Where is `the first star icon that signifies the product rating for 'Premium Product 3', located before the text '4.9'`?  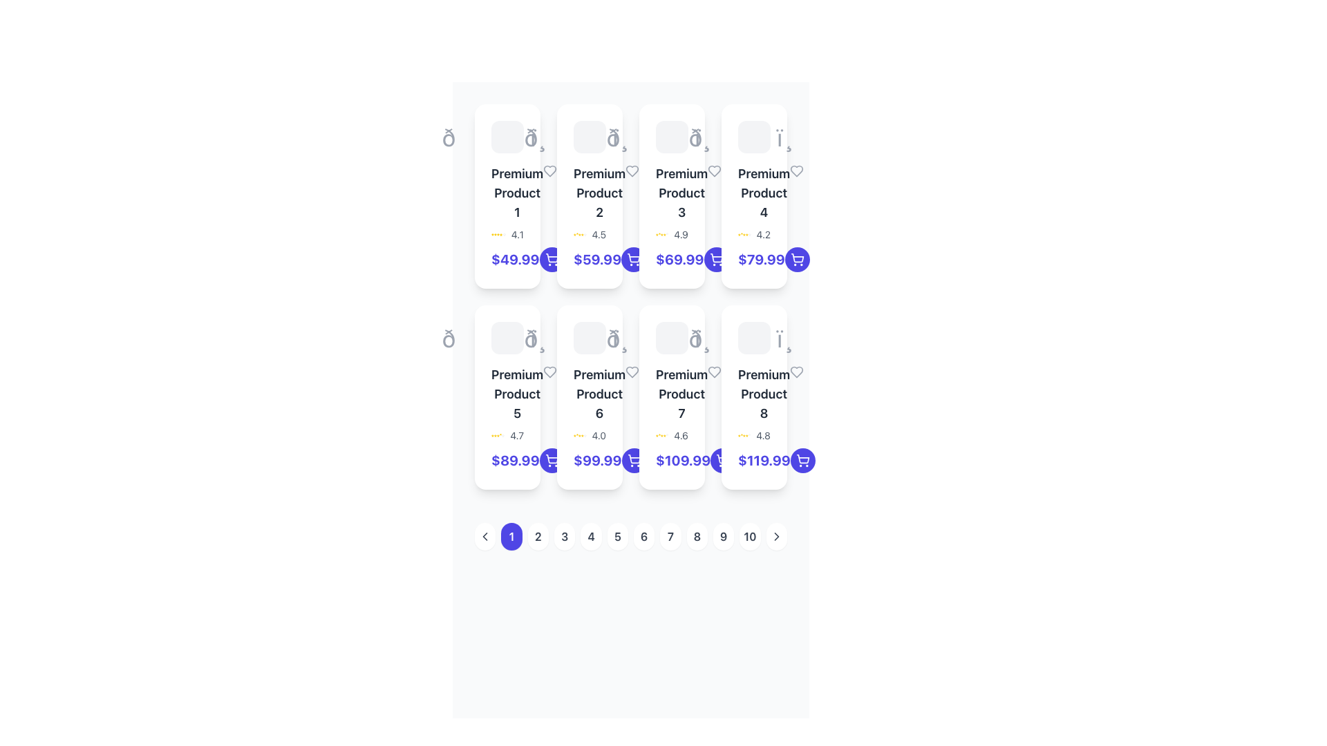 the first star icon that signifies the product rating for 'Premium Product 3', located before the text '4.9' is located at coordinates (656, 233).